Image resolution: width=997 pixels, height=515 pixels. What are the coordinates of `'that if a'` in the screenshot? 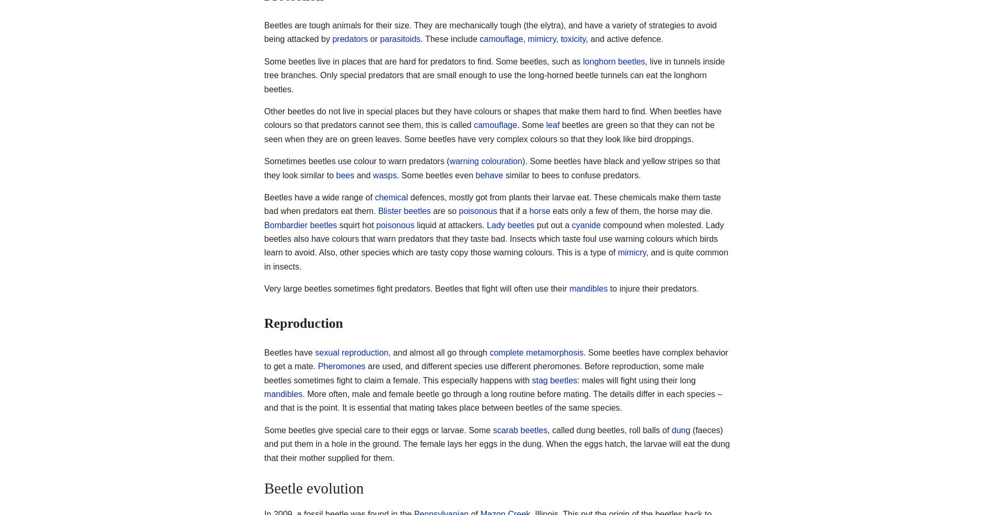 It's located at (513, 211).